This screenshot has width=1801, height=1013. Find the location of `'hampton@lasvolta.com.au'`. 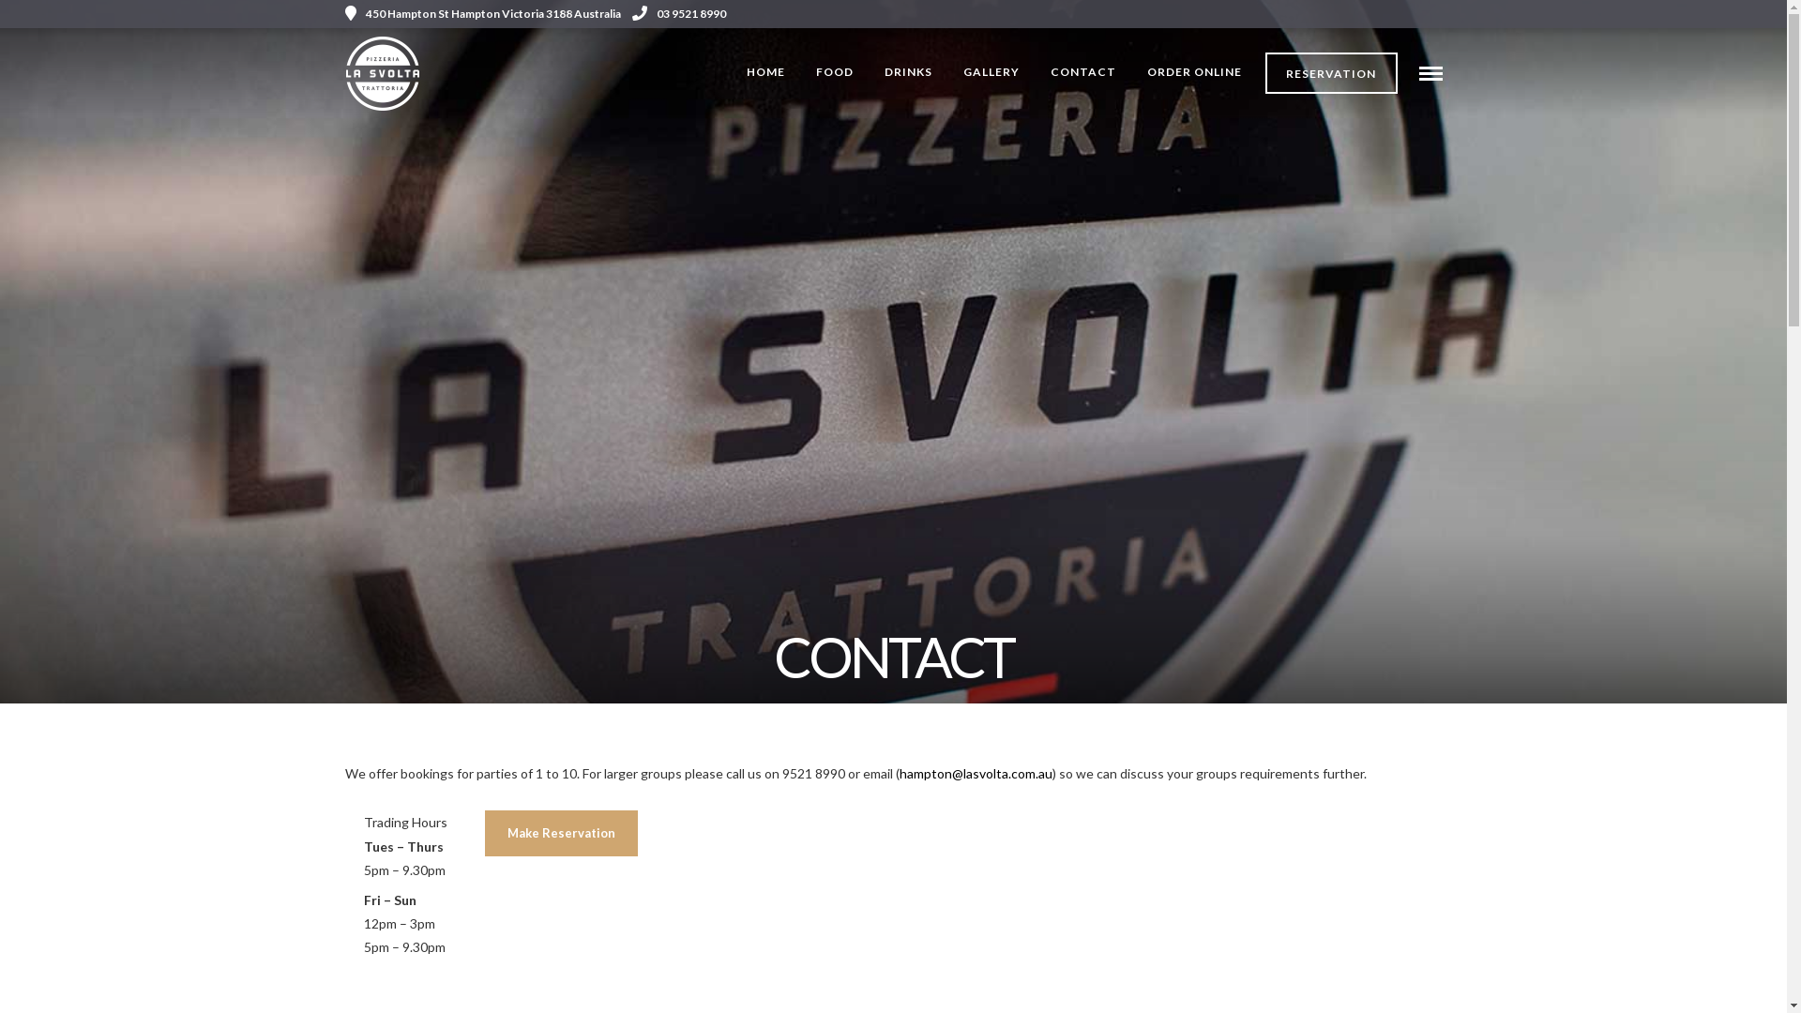

'hampton@lasvolta.com.au' is located at coordinates (898, 773).